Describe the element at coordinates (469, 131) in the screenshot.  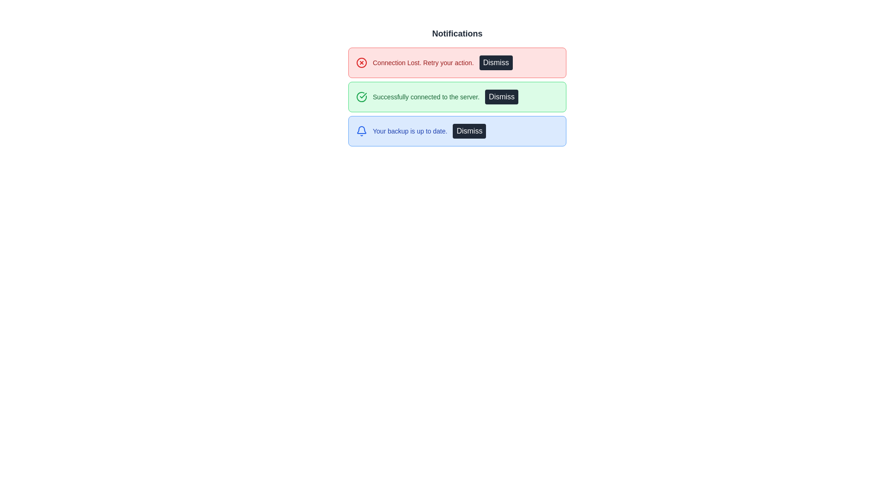
I see `the 'Dismiss' button located as the rightmost element in the notification component` at that location.